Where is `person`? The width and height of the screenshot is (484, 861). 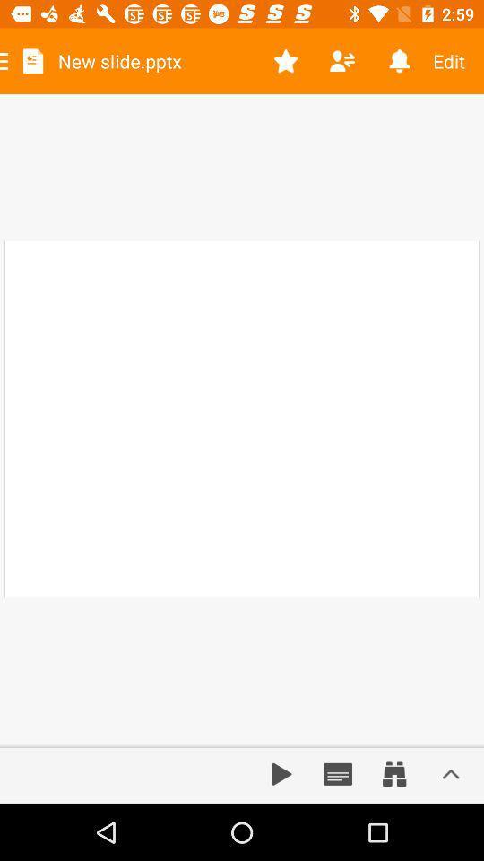 person is located at coordinates (342, 61).